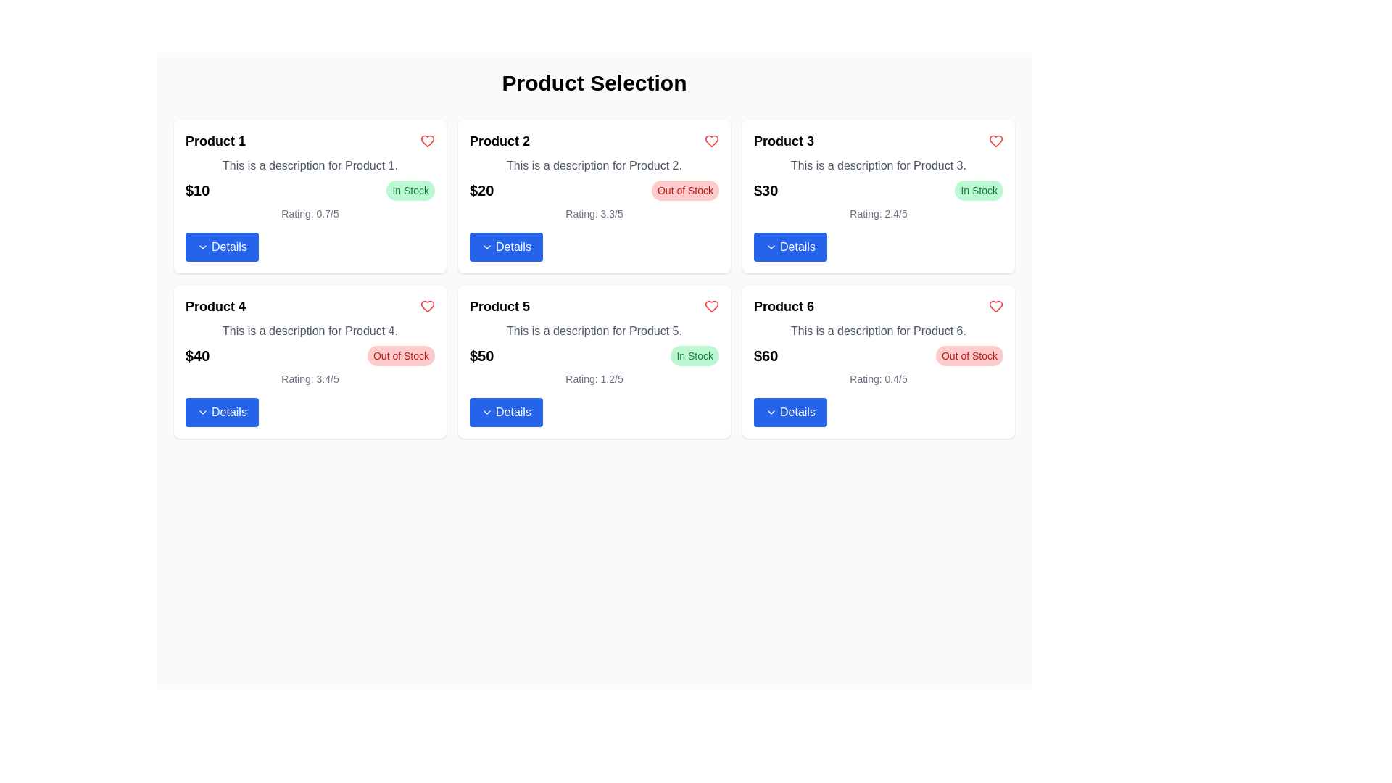 Image resolution: width=1392 pixels, height=783 pixels. I want to click on the downward chevron icon with a black outline inside the 'Details' button, so click(202, 413).